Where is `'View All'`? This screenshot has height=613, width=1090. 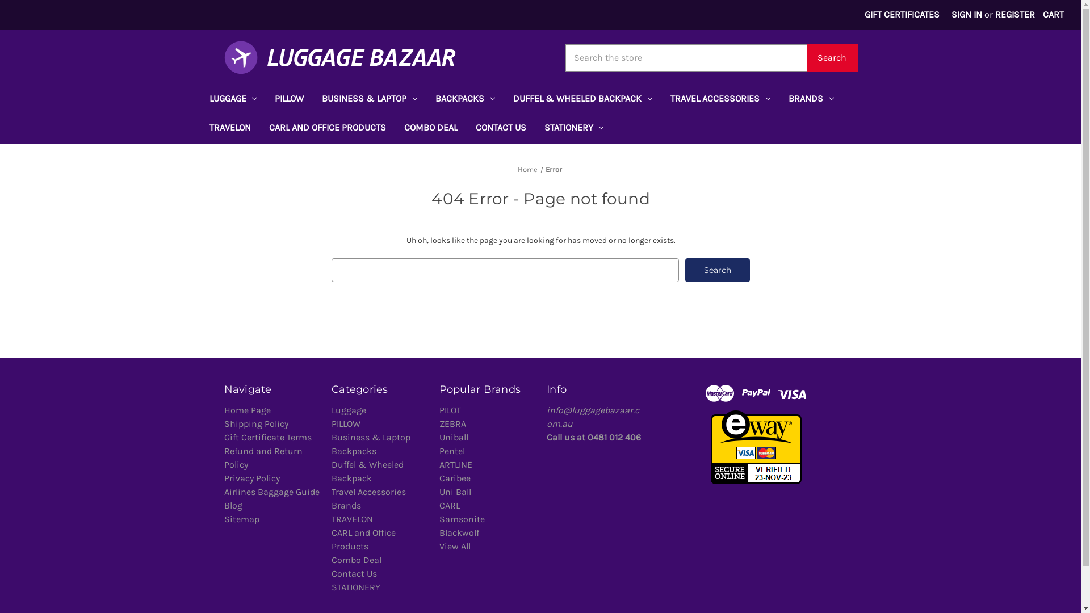 'View All' is located at coordinates (455, 545).